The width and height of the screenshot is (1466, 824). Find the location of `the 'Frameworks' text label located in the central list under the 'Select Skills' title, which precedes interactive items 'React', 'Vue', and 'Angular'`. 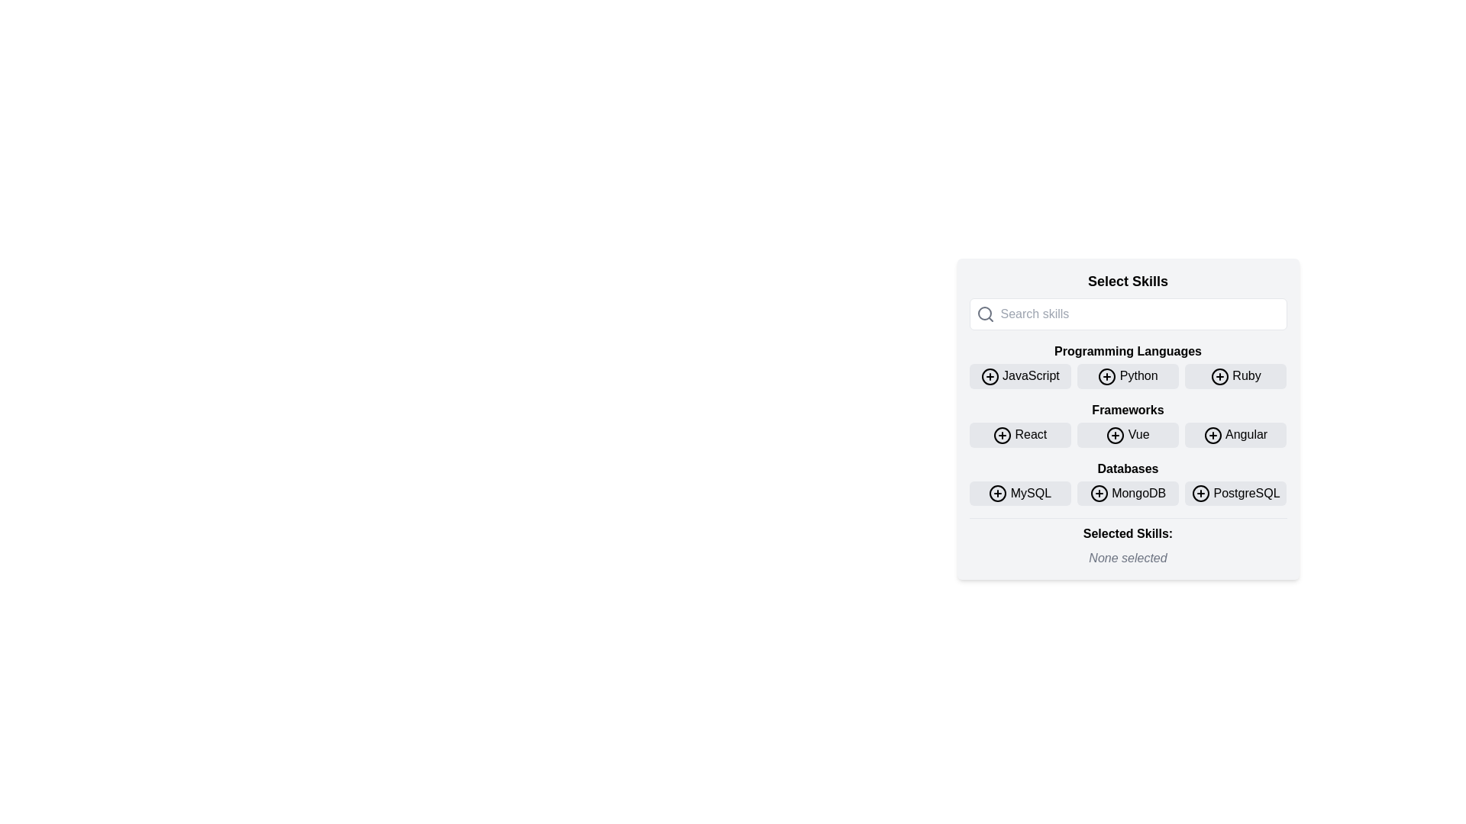

the 'Frameworks' text label located in the central list under the 'Select Skills' title, which precedes interactive items 'React', 'Vue', and 'Angular' is located at coordinates (1128, 409).